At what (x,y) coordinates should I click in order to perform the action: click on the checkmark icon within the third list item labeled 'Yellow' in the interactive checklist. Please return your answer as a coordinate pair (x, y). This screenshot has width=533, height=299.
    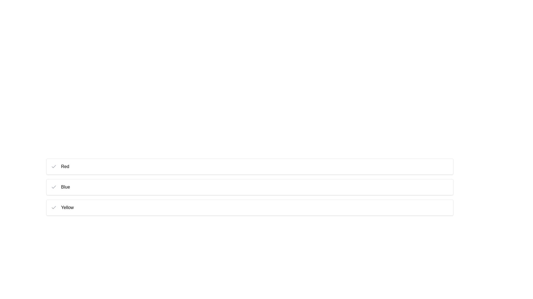
    Looking at the image, I should click on (54, 207).